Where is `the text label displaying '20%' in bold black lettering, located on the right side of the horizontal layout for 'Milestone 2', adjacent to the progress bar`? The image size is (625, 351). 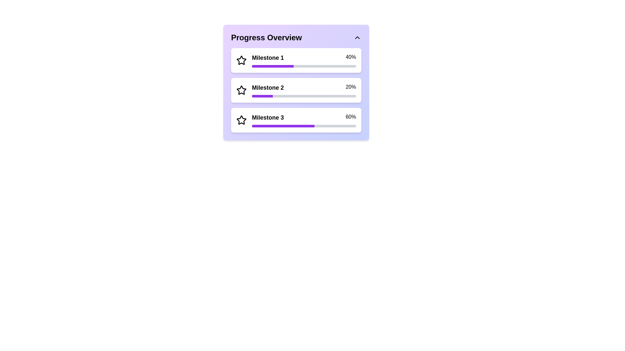 the text label displaying '20%' in bold black lettering, located on the right side of the horizontal layout for 'Milestone 2', adjacent to the progress bar is located at coordinates (350, 88).